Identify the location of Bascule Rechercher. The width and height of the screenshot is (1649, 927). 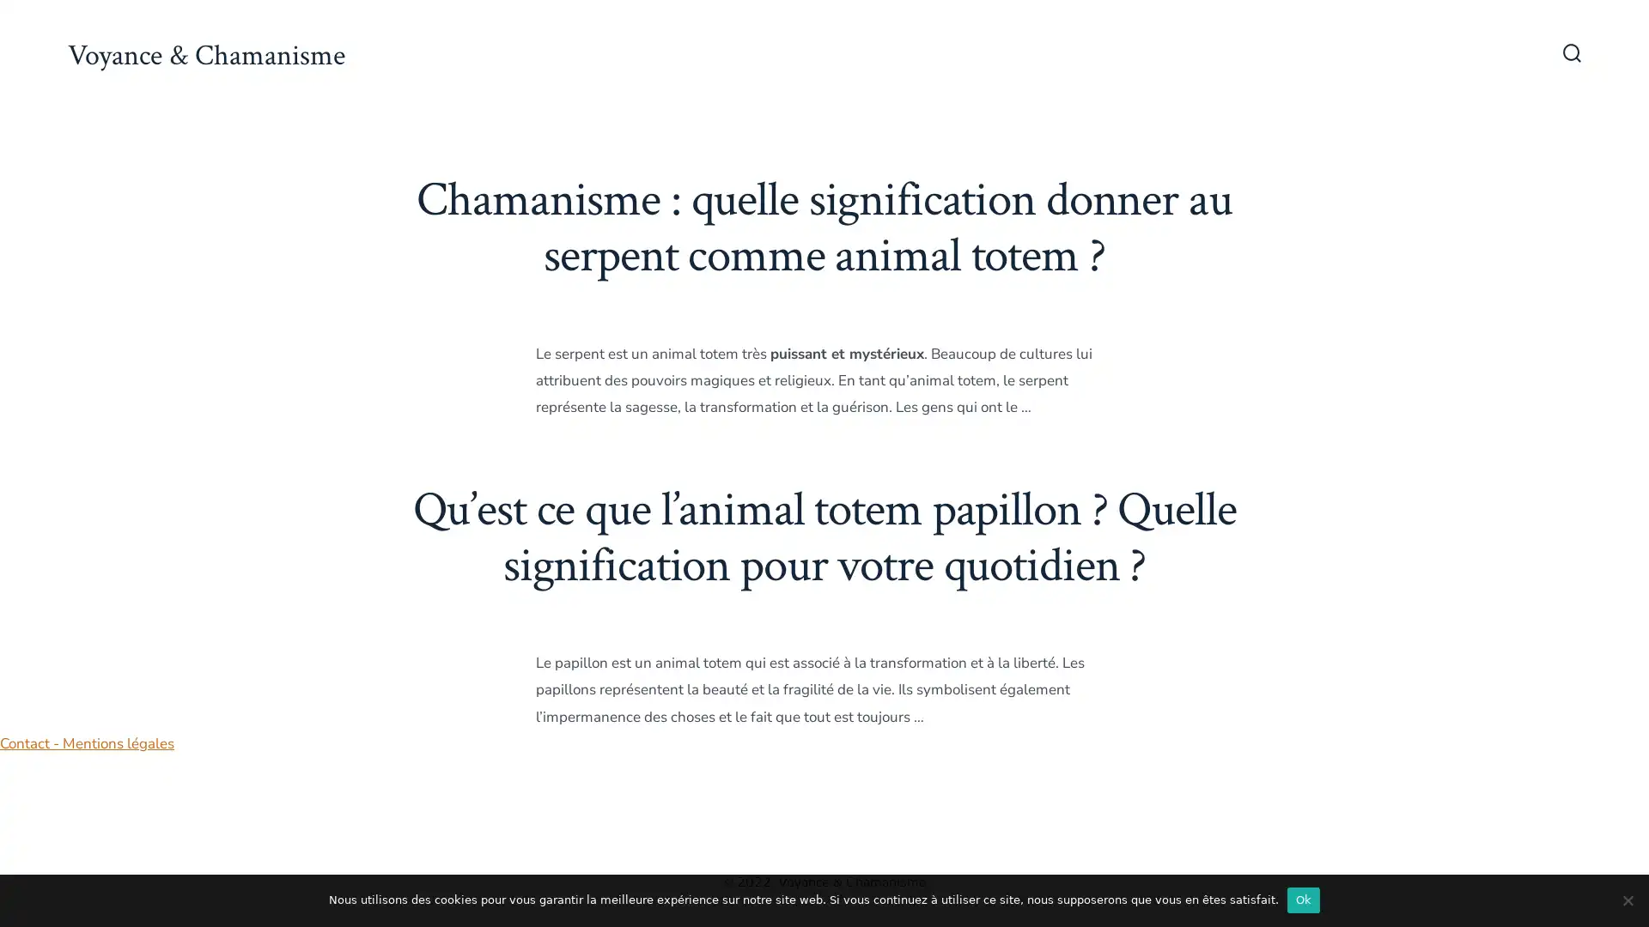
(1571, 54).